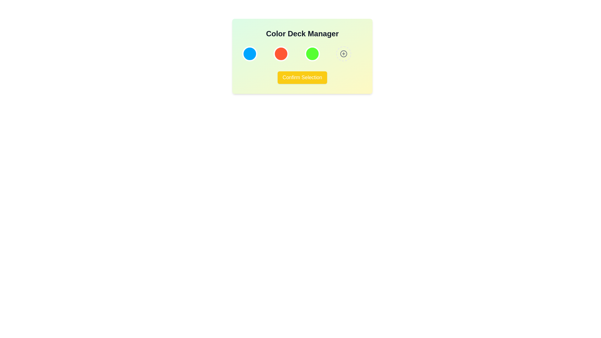  I want to click on the Text label or heading located at the top of its containing box, which provides context to the user about its purpose, so click(302, 34).